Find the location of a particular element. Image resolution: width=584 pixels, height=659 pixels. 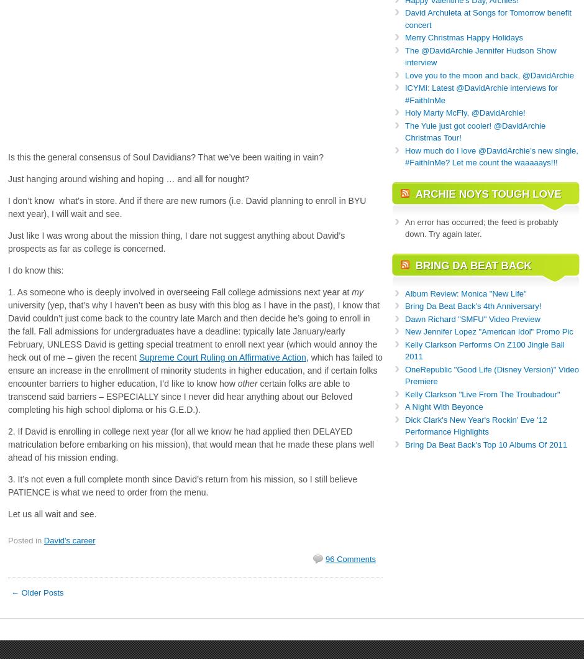

'An error has occurred; the feed is probably down. Try again later.' is located at coordinates (481, 228).